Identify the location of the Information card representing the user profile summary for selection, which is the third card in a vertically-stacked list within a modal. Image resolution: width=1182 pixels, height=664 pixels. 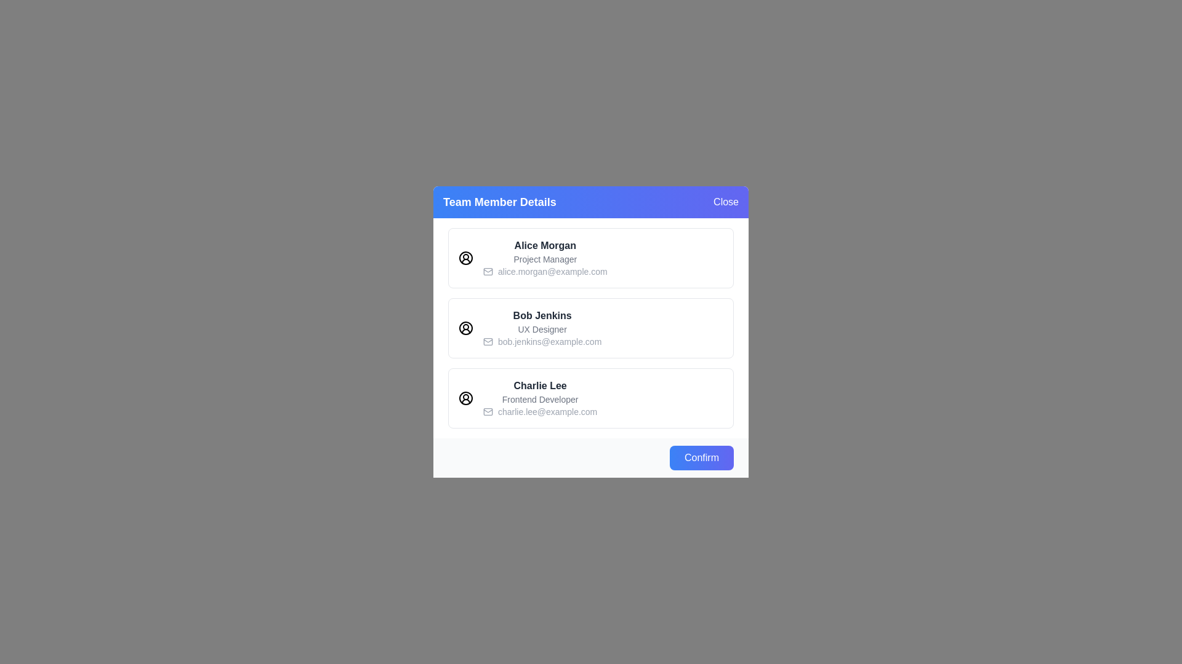
(591, 398).